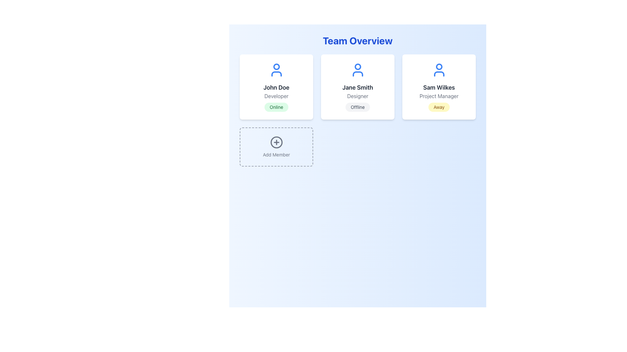 This screenshot has height=352, width=627. What do you see at coordinates (439, 66) in the screenshot?
I see `the small blue circular decorative element within the user profile icon for 'Sam Wilkes', located at the upper section of the icon` at bounding box center [439, 66].